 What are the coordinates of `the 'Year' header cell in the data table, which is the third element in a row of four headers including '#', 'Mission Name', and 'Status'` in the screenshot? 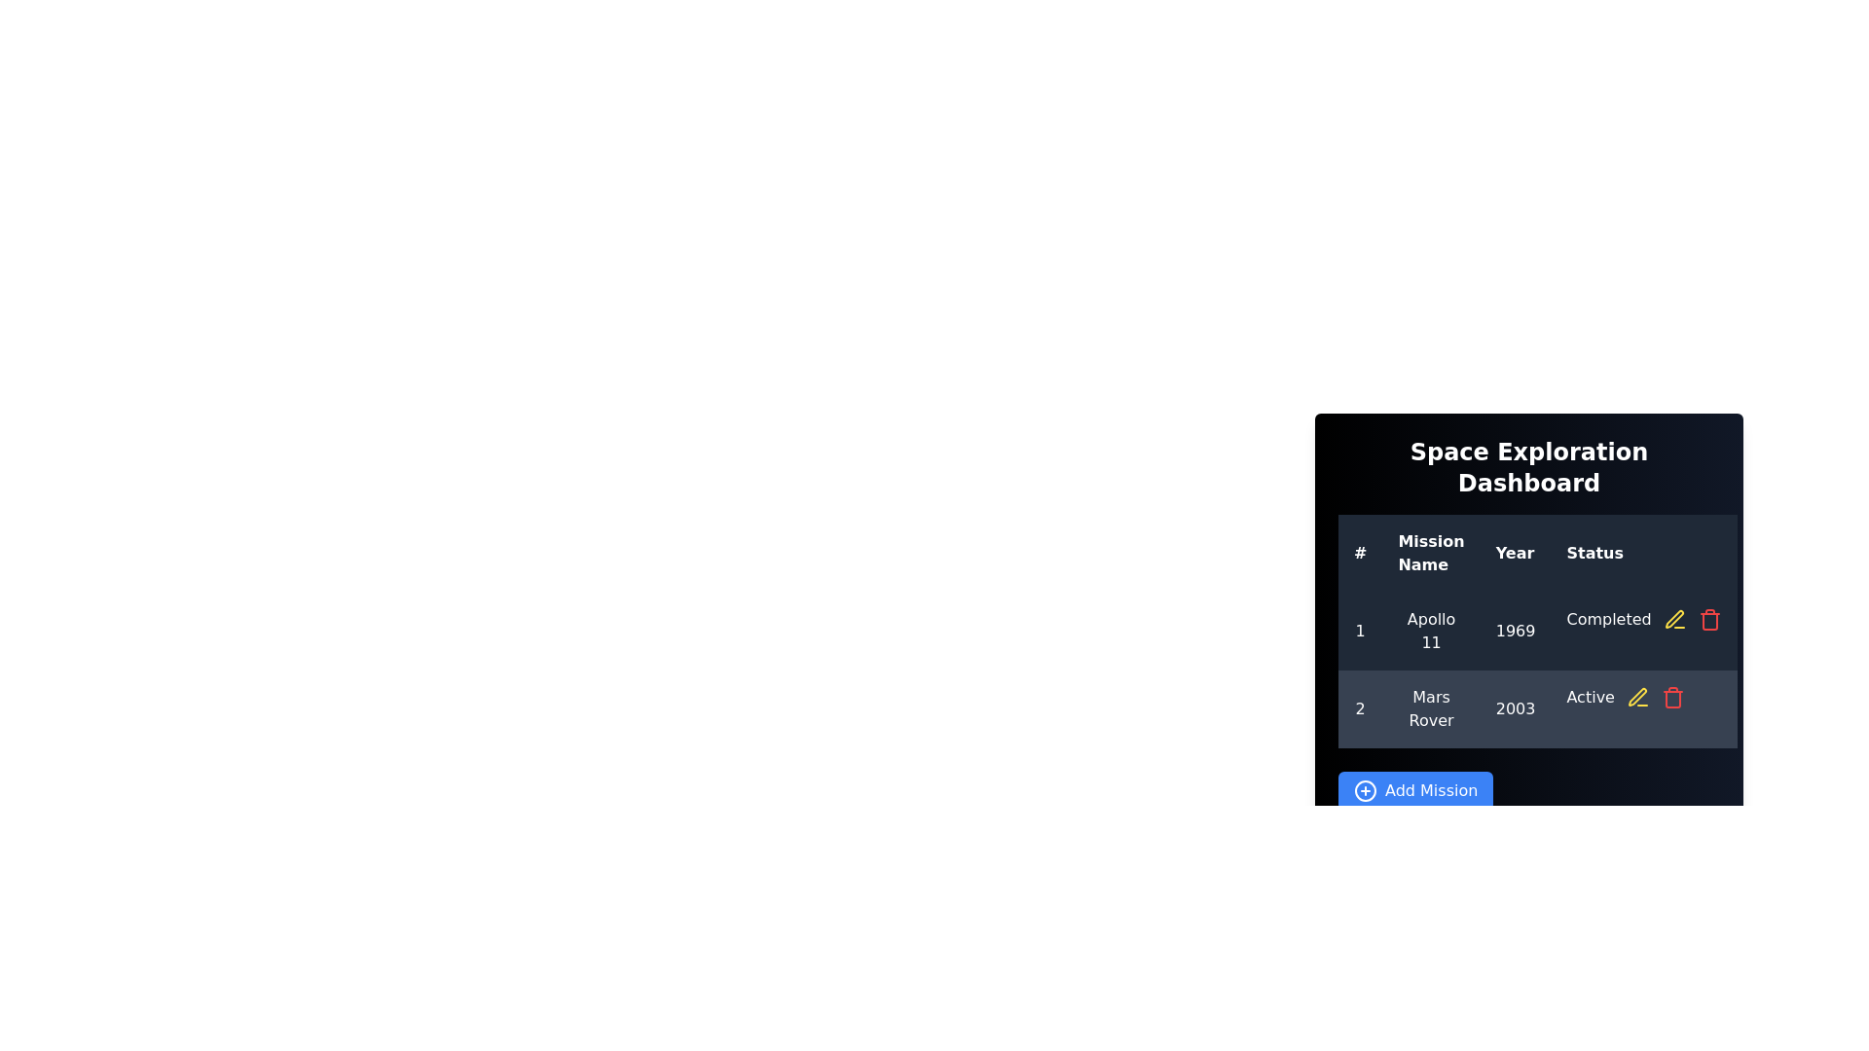 It's located at (1515, 554).